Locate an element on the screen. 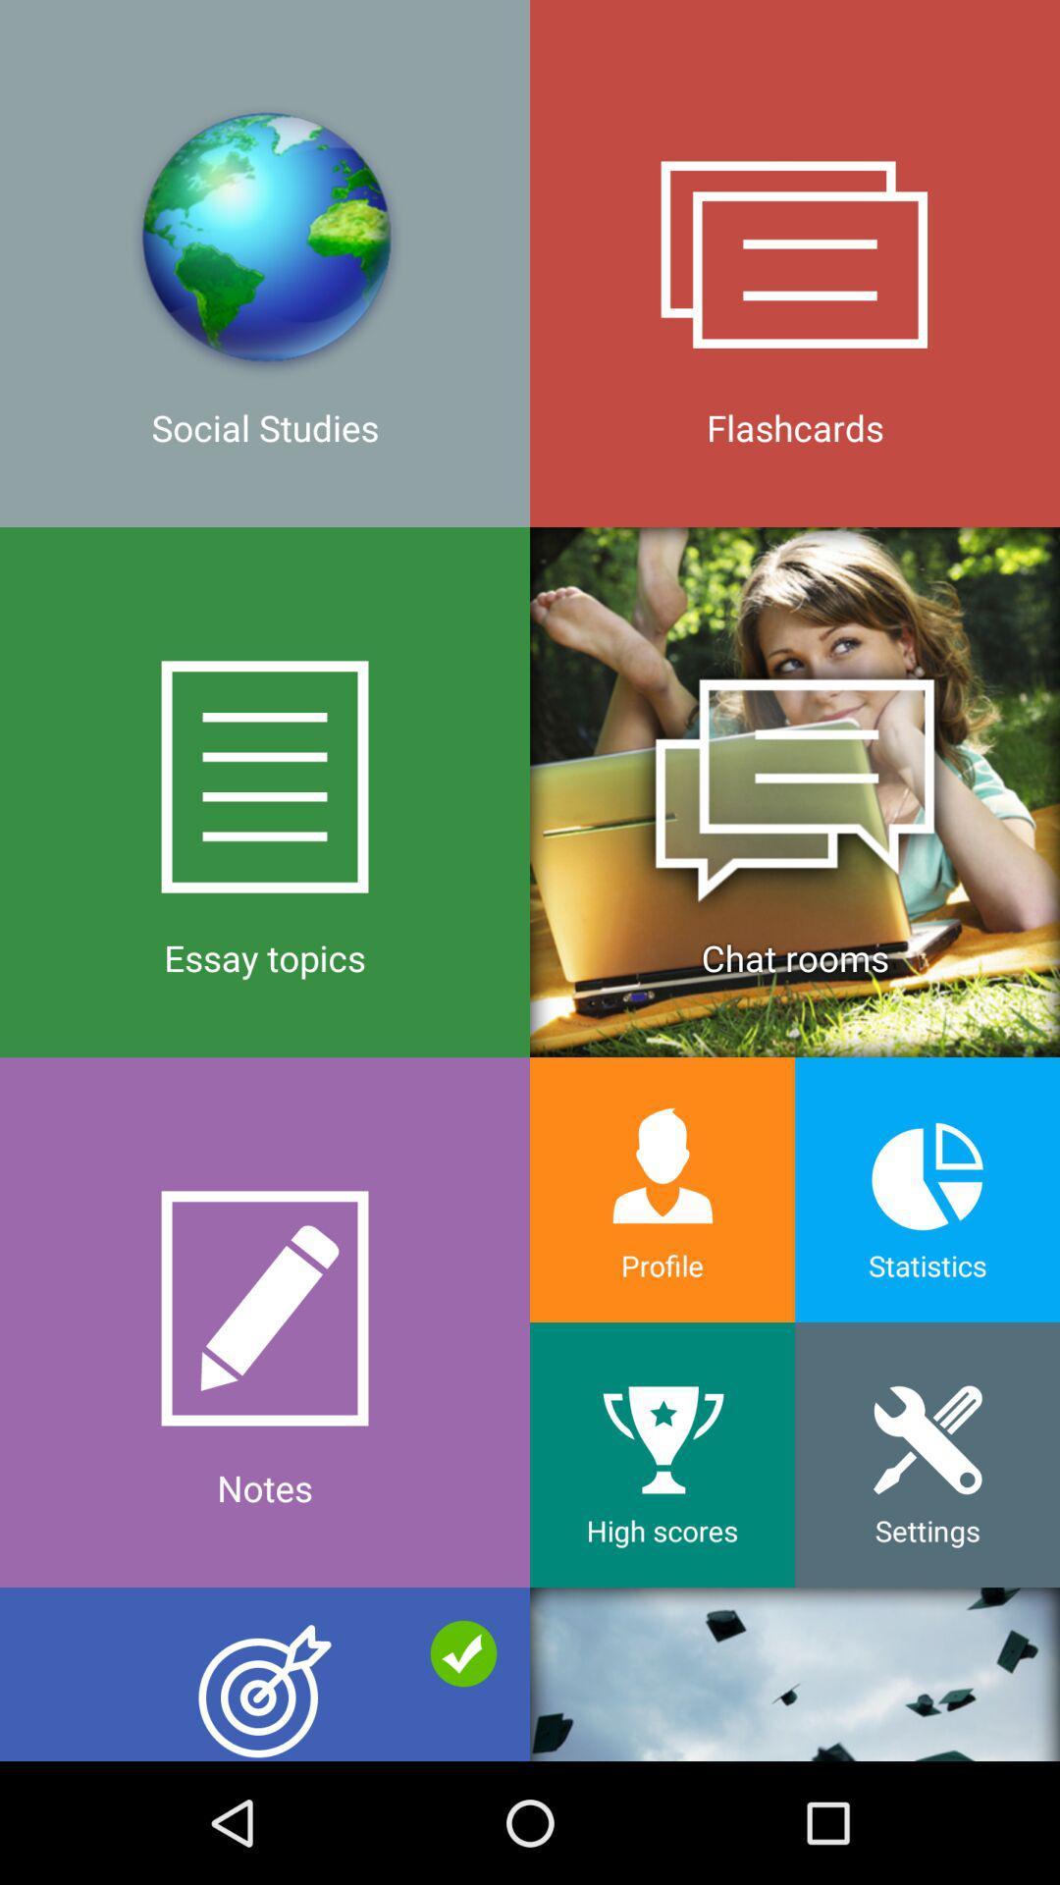 This screenshot has width=1060, height=1885. app below the chat rooms icon is located at coordinates (927, 1189).